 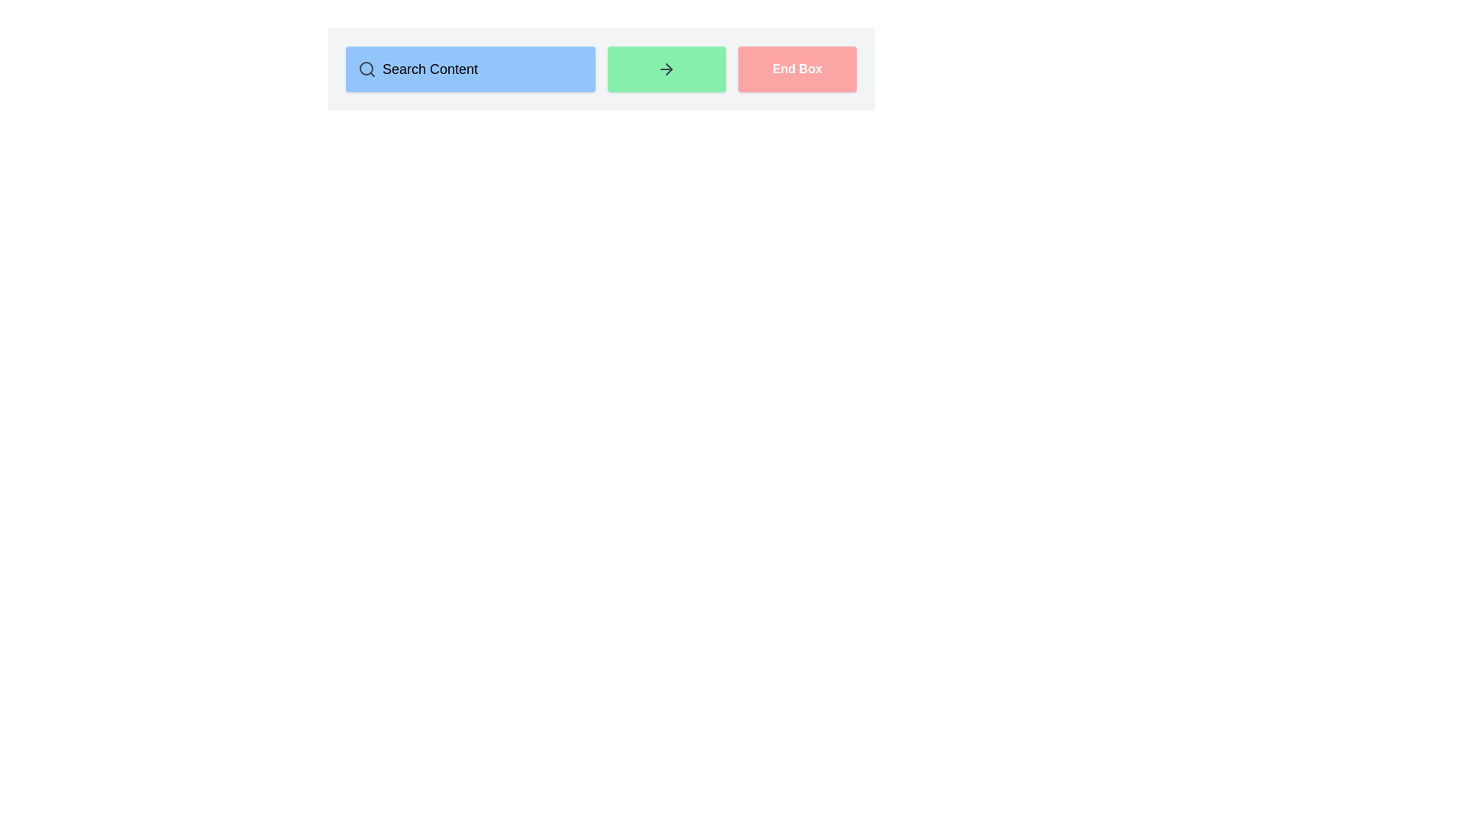 I want to click on the small magnifying glass icon with a black stroke on a light blue background located within the 'Search Content' box, so click(x=366, y=69).